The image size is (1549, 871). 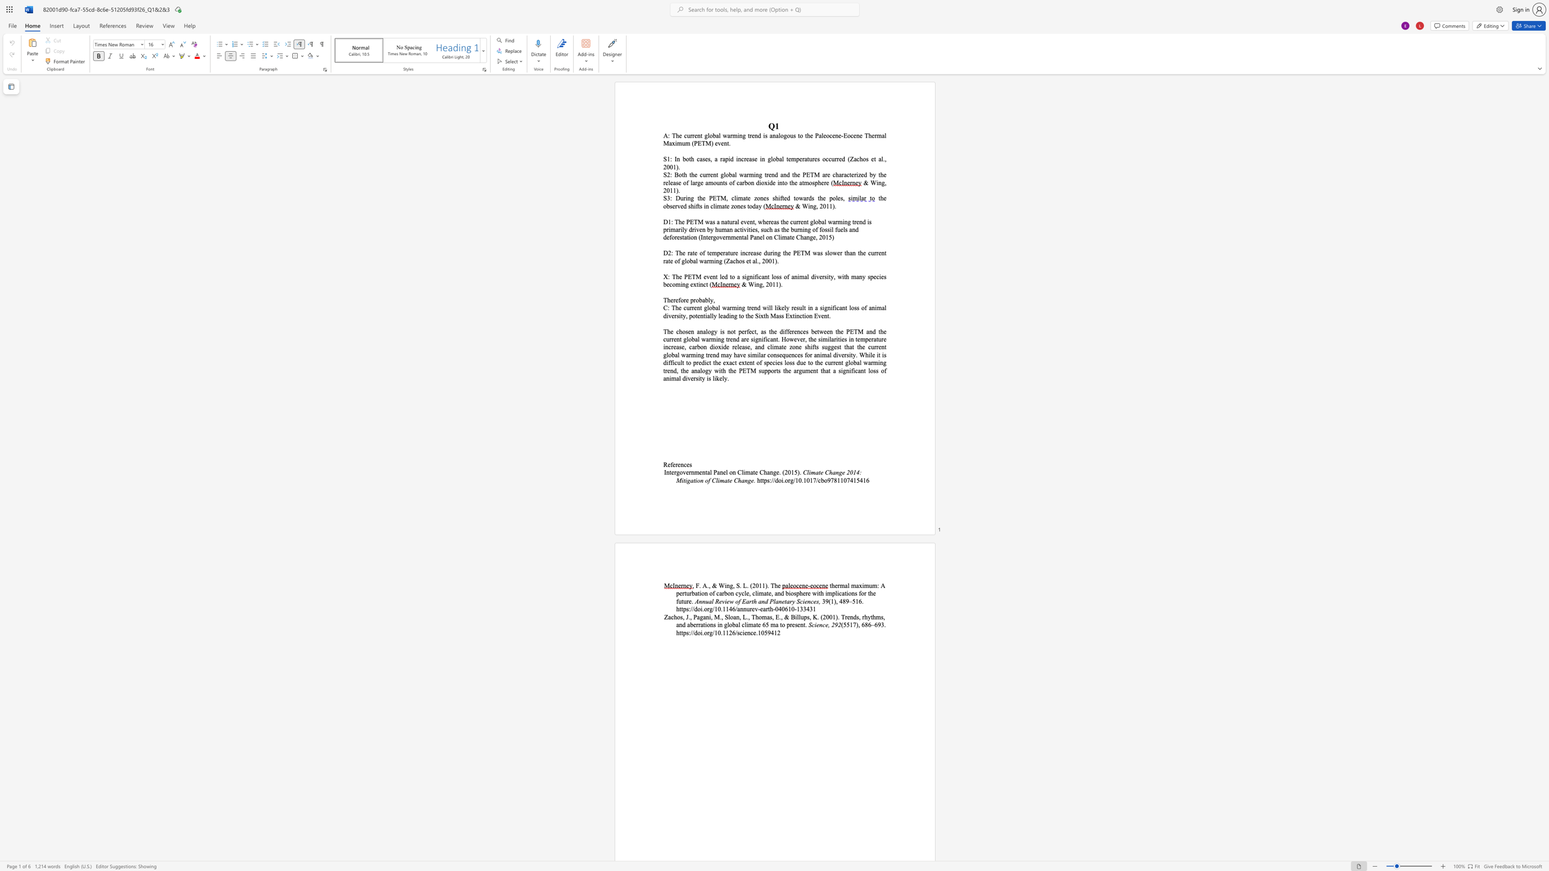 I want to click on the subset text "rnmental Panel on Cli" within the text "(Intergovernmental Panel on Climate Change, 2015)", so click(x=725, y=237).